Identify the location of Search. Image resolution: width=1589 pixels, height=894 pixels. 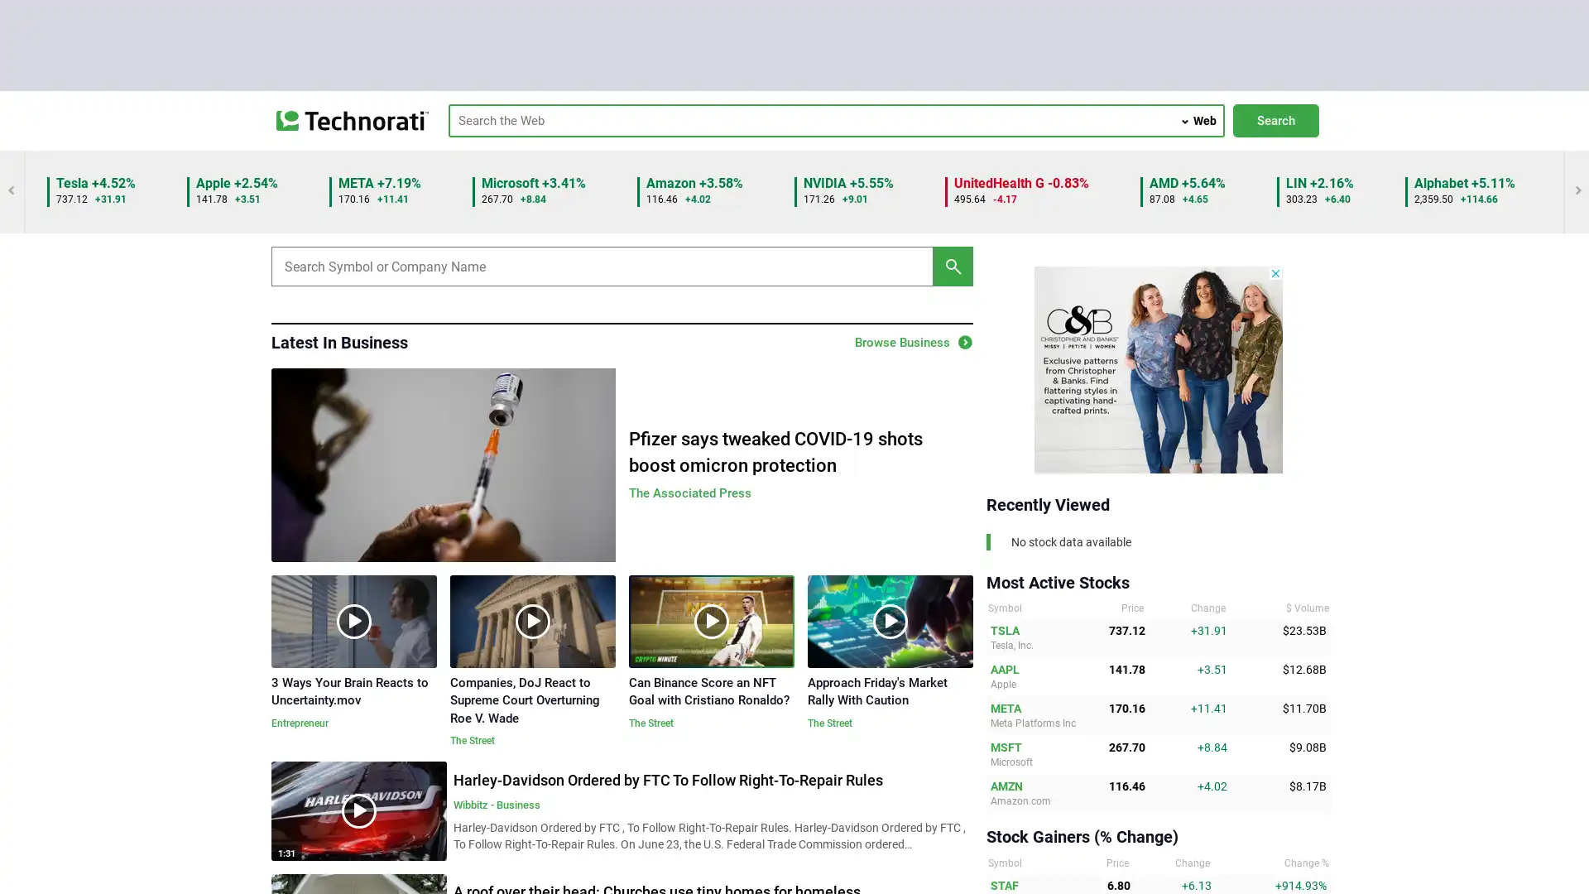
(1275, 120).